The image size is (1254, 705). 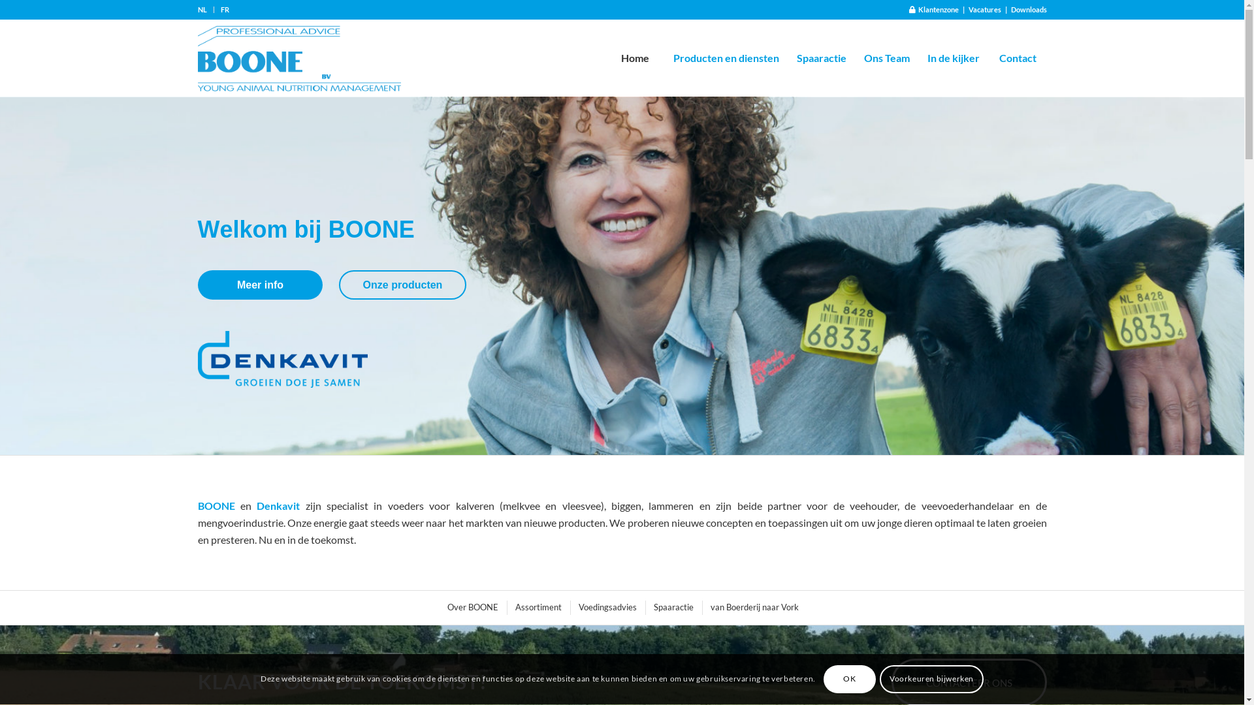 I want to click on 'Ons Team', so click(x=886, y=57).